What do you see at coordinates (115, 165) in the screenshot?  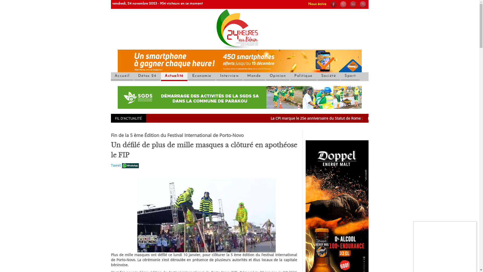 I see `'Tweet'` at bounding box center [115, 165].